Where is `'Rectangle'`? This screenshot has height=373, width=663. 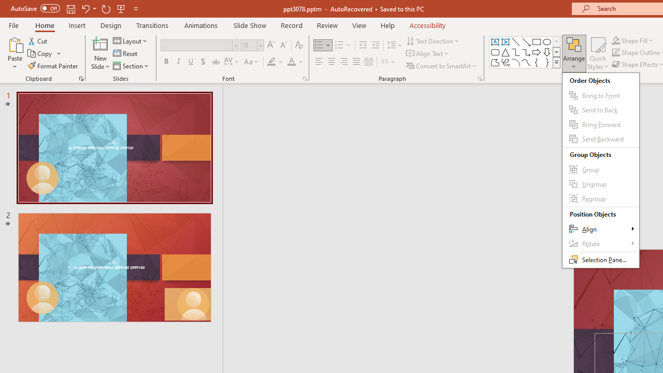 'Rectangle' is located at coordinates (537, 41).